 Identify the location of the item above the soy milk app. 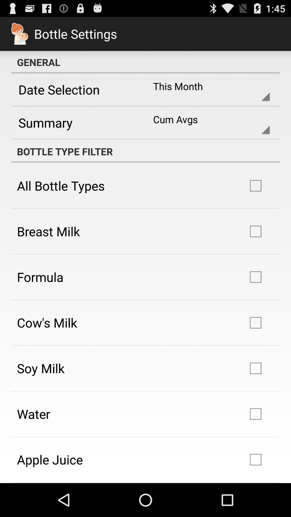
(47, 323).